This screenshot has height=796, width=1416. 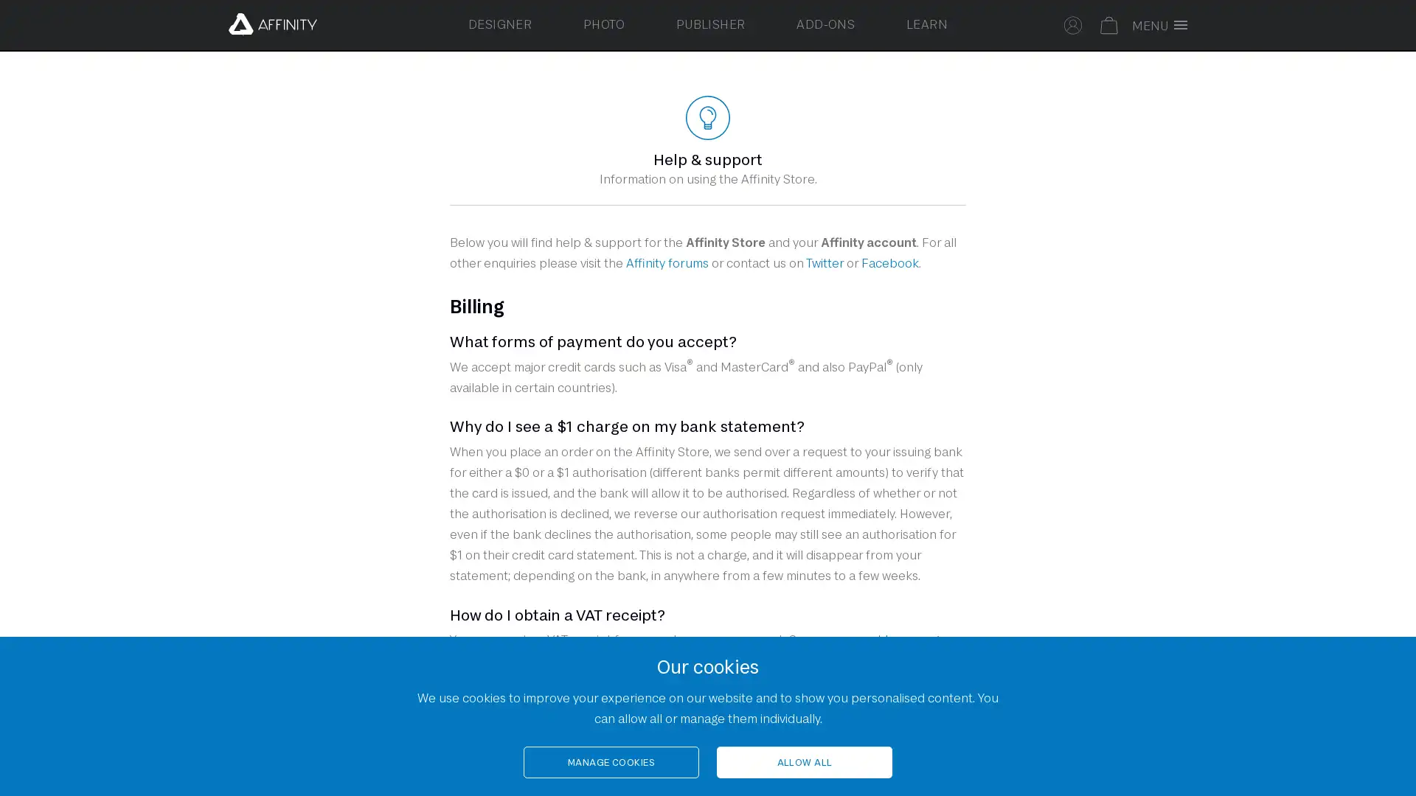 I want to click on MANAGE COOKIES, so click(x=611, y=762).